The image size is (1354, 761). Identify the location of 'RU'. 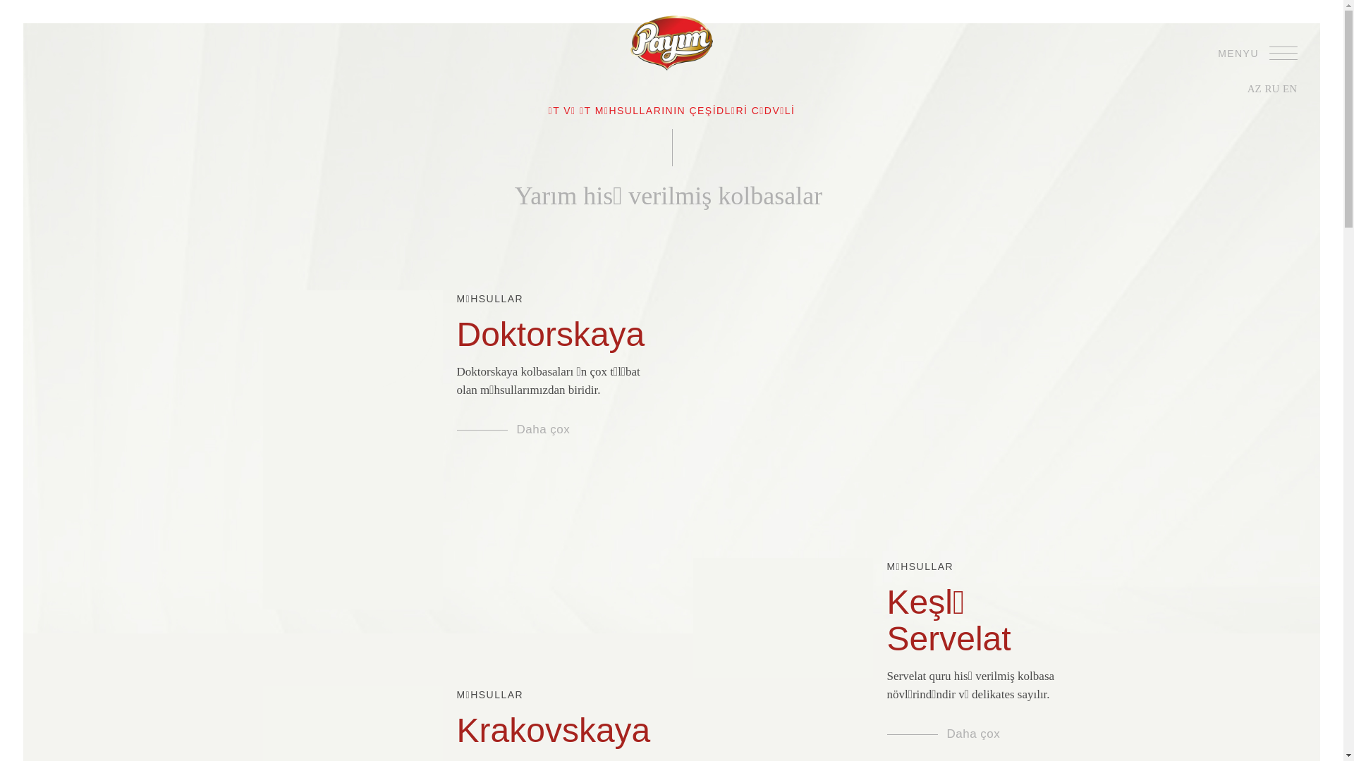
(1271, 89).